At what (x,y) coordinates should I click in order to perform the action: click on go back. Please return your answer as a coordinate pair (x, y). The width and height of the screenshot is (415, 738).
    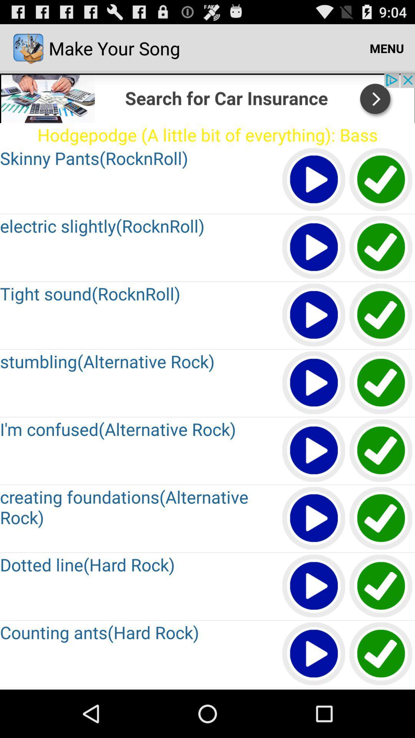
    Looking at the image, I should click on (381, 451).